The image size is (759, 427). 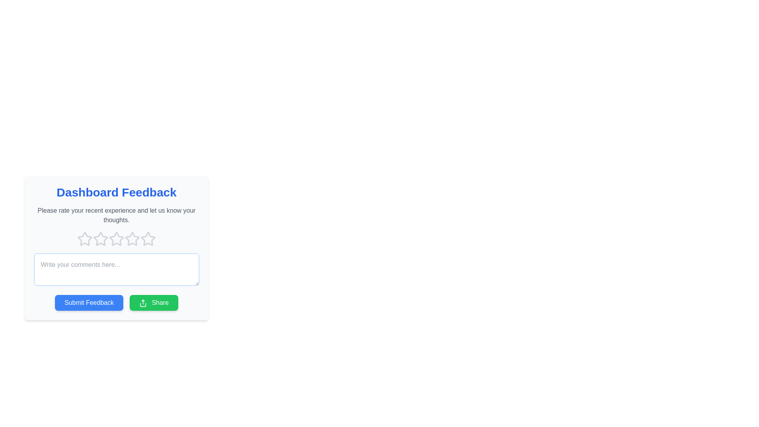 What do you see at coordinates (132, 238) in the screenshot?
I see `the third star icon from the left in the horizontal row of five stars within the 'Dashboard Feedback' section` at bounding box center [132, 238].